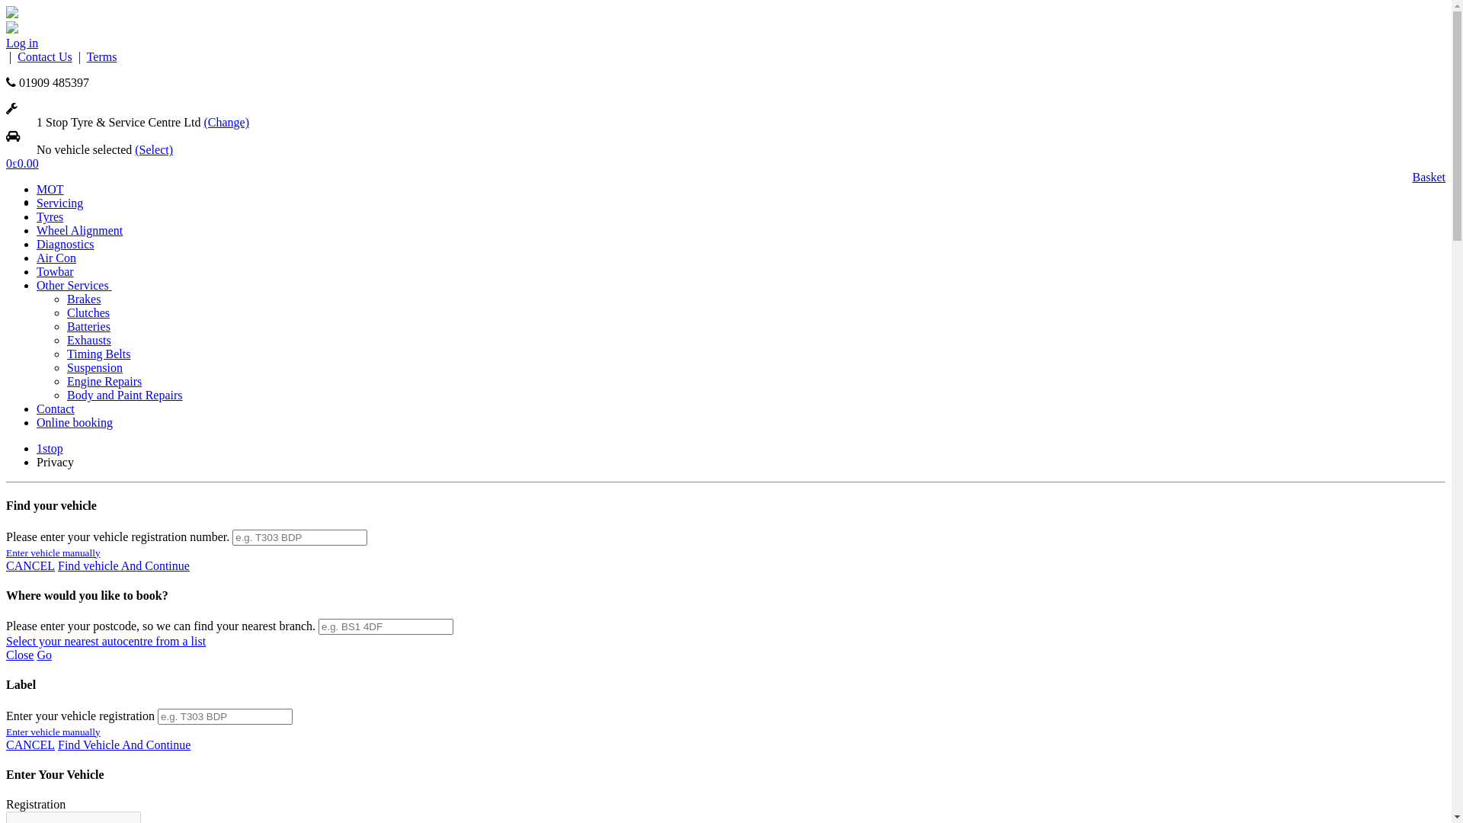 The width and height of the screenshot is (1463, 823). Describe the element at coordinates (124, 745) in the screenshot. I see `'Find Vehicle And Continue'` at that location.